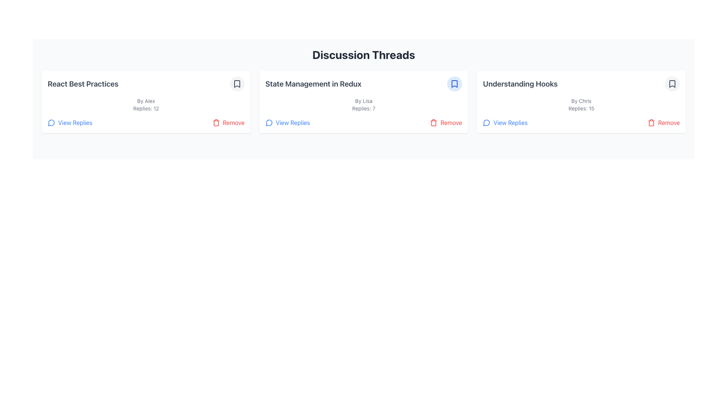 Image resolution: width=716 pixels, height=403 pixels. What do you see at coordinates (146, 84) in the screenshot?
I see `the title of the discussion thread located in the first column of the grid layout under the 'Discussion Threads' section` at bounding box center [146, 84].